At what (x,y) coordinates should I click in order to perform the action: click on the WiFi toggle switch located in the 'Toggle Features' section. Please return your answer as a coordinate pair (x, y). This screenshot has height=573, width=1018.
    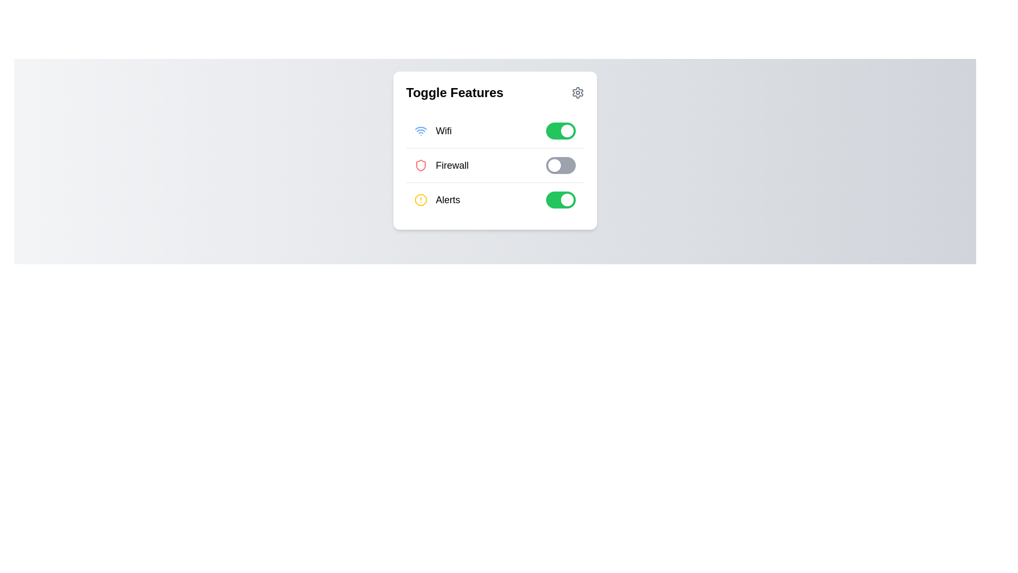
    Looking at the image, I should click on (560, 130).